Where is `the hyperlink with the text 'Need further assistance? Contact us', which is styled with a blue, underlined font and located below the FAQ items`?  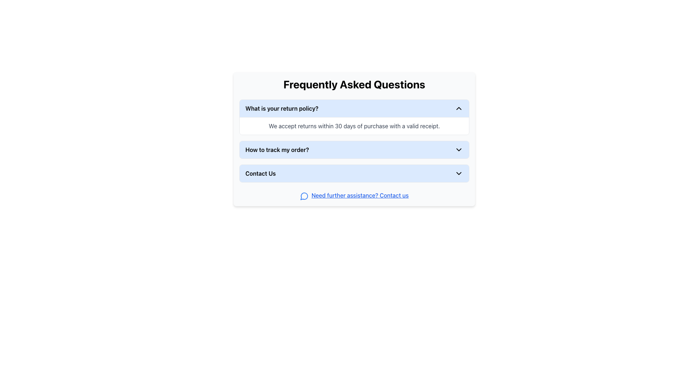 the hyperlink with the text 'Need further assistance? Contact us', which is styled with a blue, underlined font and located below the FAQ items is located at coordinates (360, 195).